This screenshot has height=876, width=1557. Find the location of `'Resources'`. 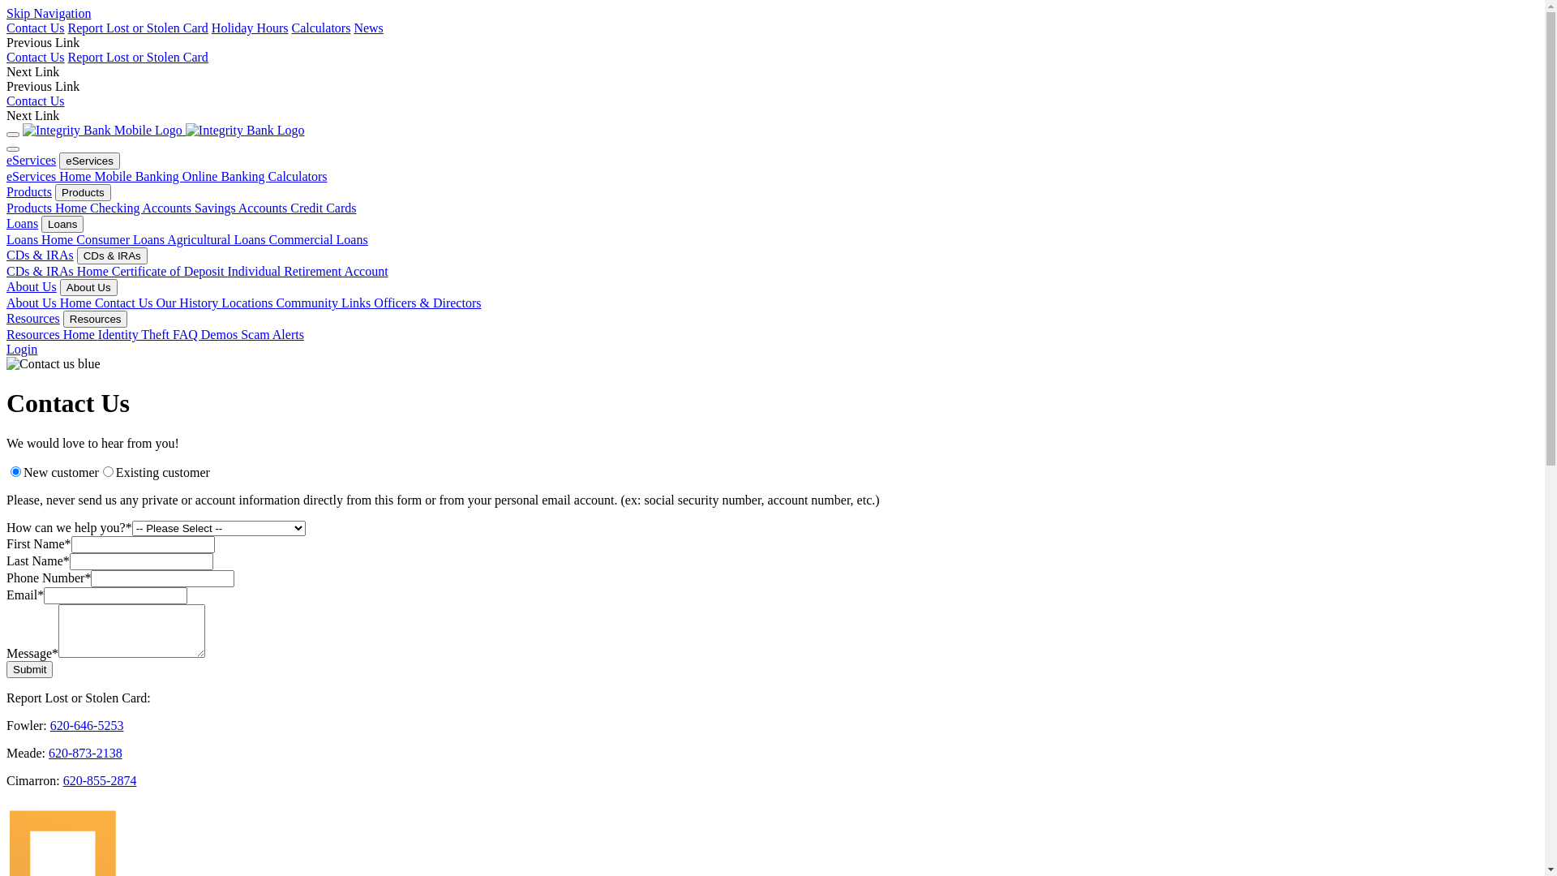

'Resources' is located at coordinates (33, 318).